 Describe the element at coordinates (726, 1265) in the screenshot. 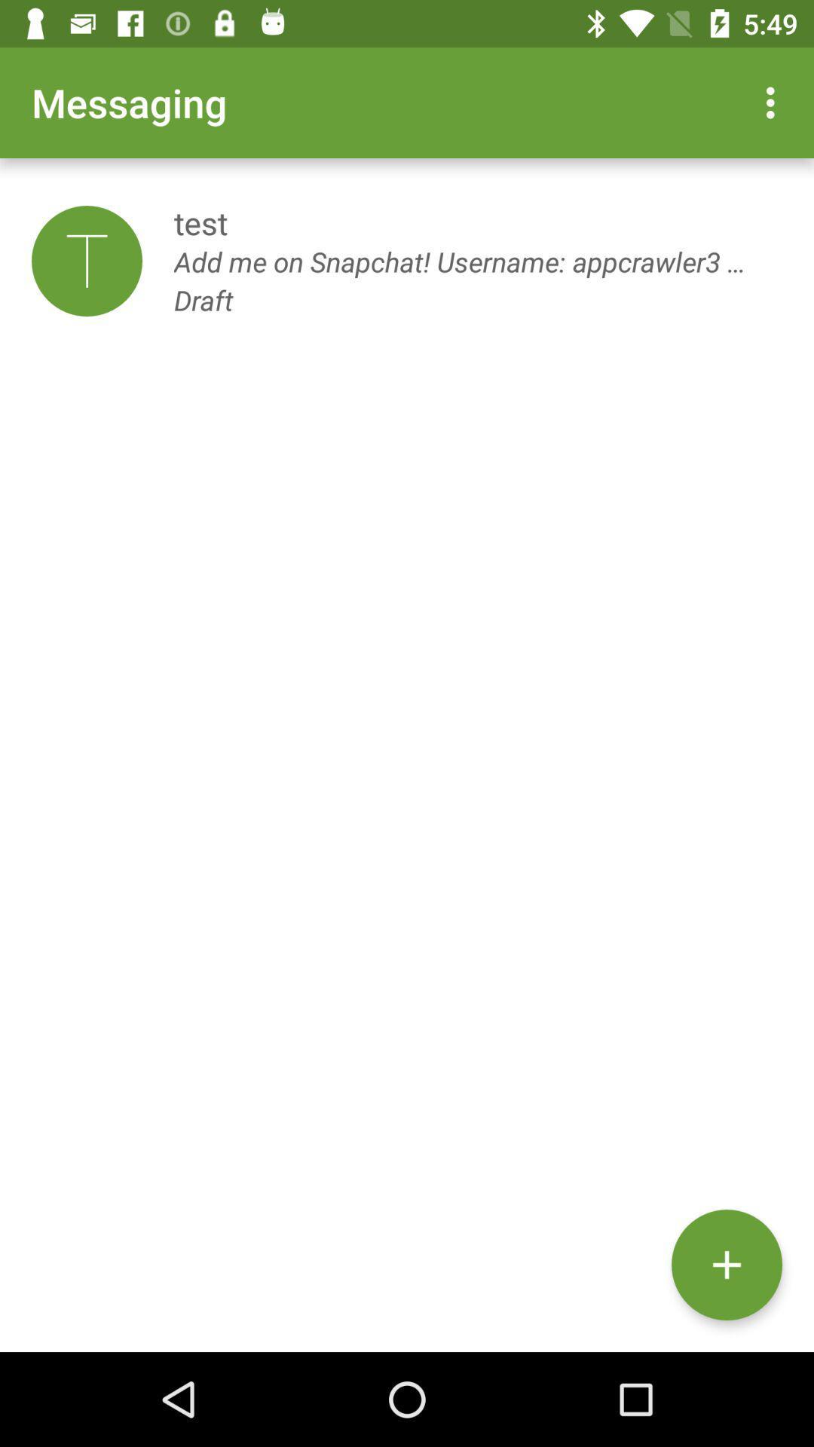

I see `the add icon` at that location.